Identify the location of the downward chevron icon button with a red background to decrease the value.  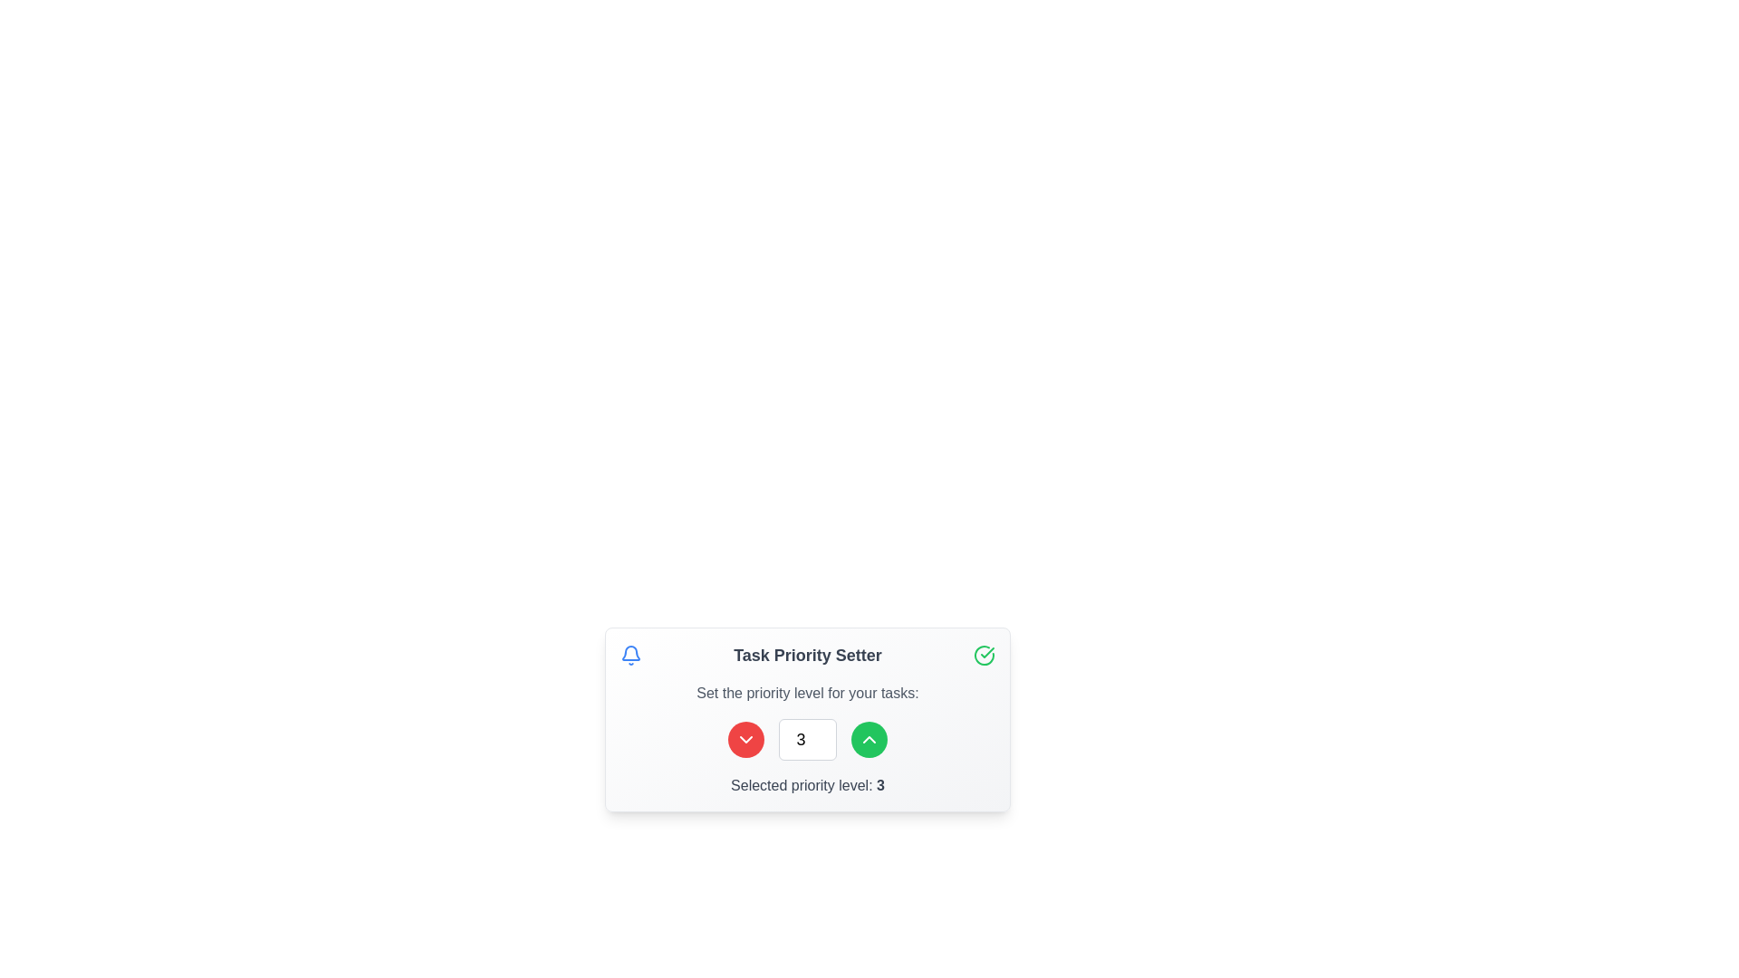
(746, 740).